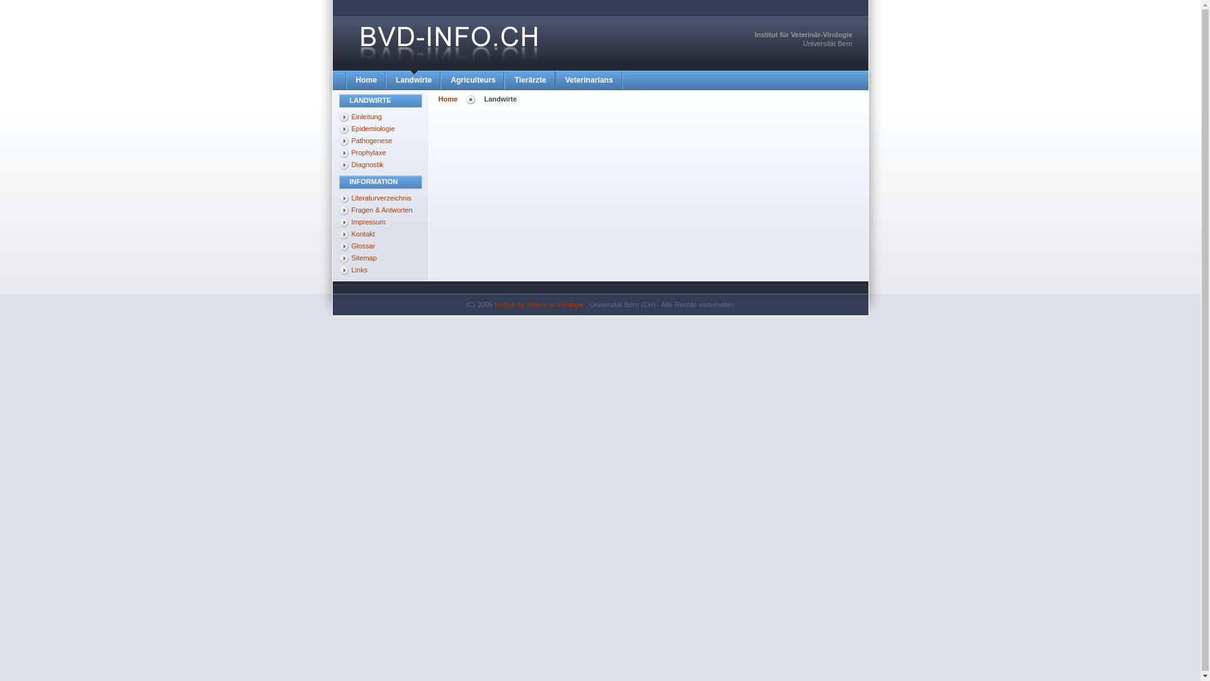 Image resolution: width=1210 pixels, height=681 pixels. What do you see at coordinates (472, 80) in the screenshot?
I see `'Agriculteurs'` at bounding box center [472, 80].